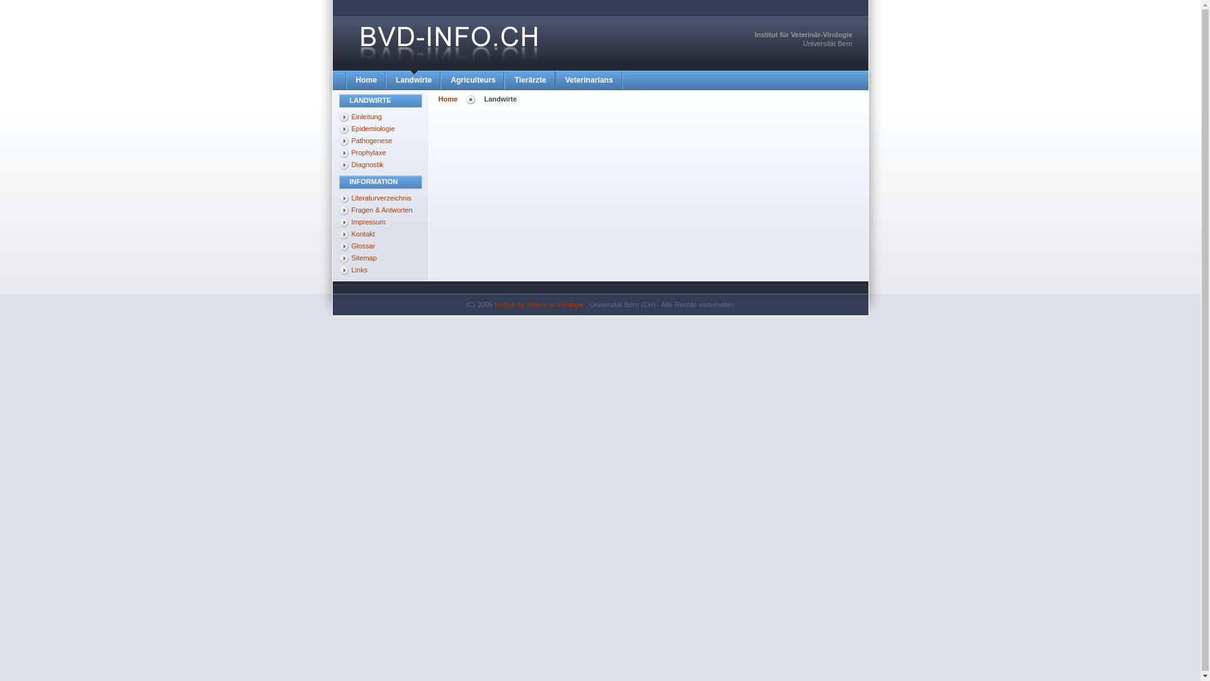 Image resolution: width=1210 pixels, height=681 pixels. What do you see at coordinates (472, 80) in the screenshot?
I see `'Agriculteurs'` at bounding box center [472, 80].